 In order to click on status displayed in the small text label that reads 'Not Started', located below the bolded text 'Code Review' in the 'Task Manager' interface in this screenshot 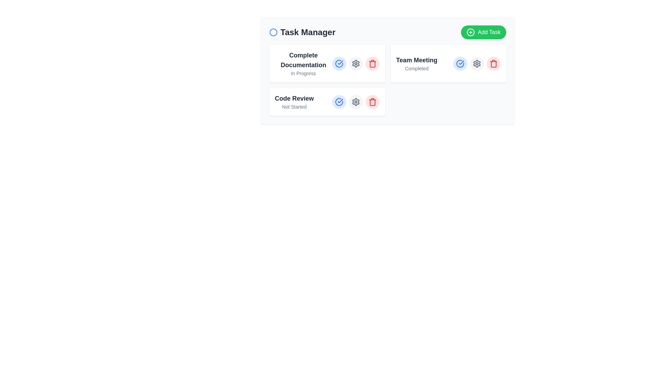, I will do `click(294, 107)`.